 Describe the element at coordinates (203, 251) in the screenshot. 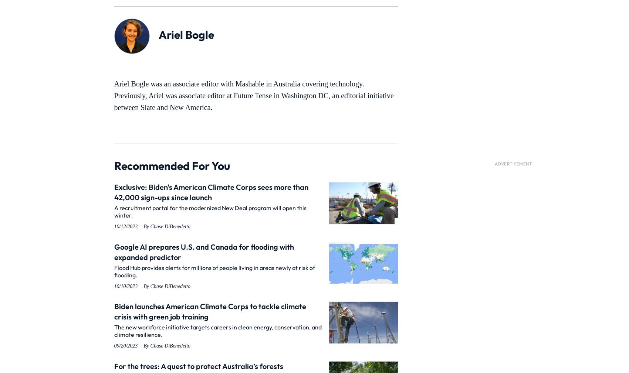

I see `'Google AI prepares U.S. and Canada for flooding with expanded predictor'` at that location.